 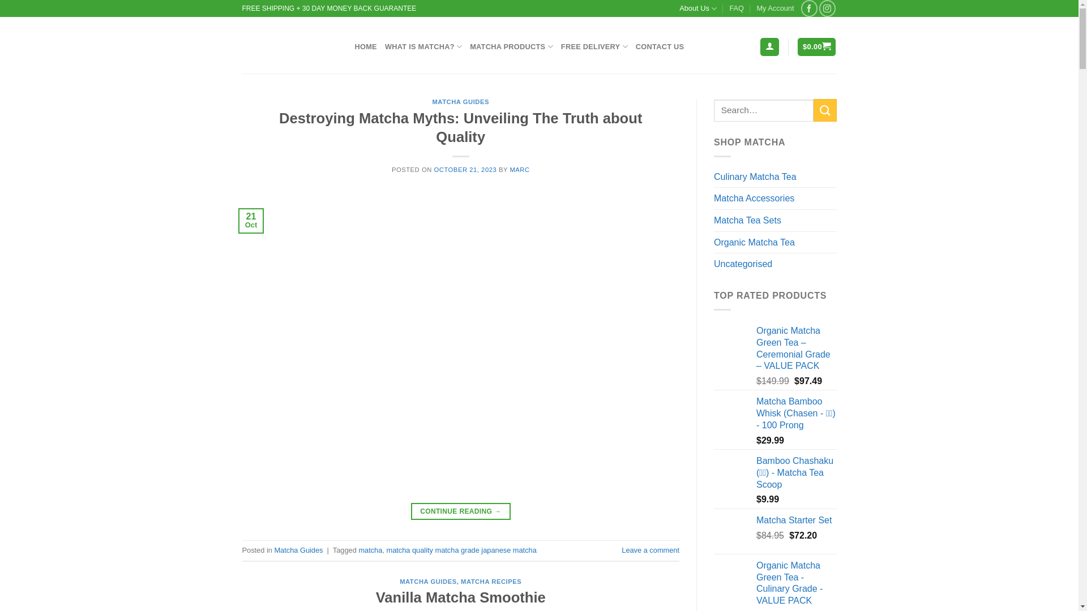 I want to click on 'Organic Matcha Tea', so click(x=774, y=242).